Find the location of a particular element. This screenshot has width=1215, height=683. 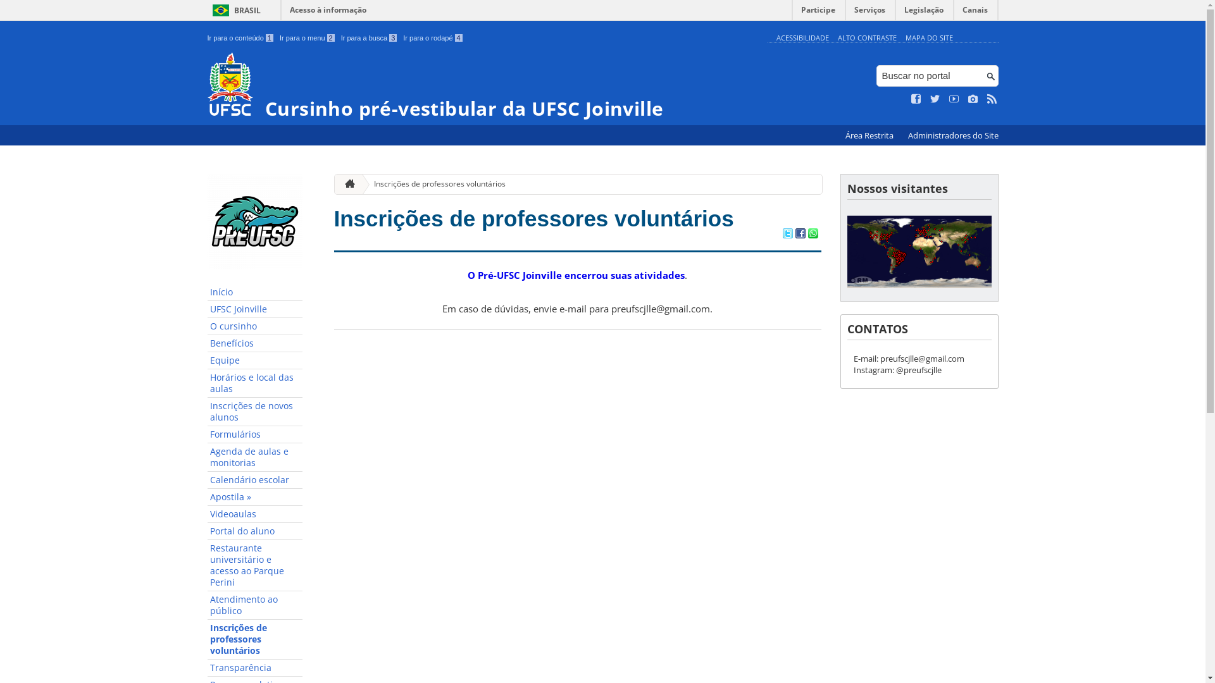

'BRASIL' is located at coordinates (207, 10).